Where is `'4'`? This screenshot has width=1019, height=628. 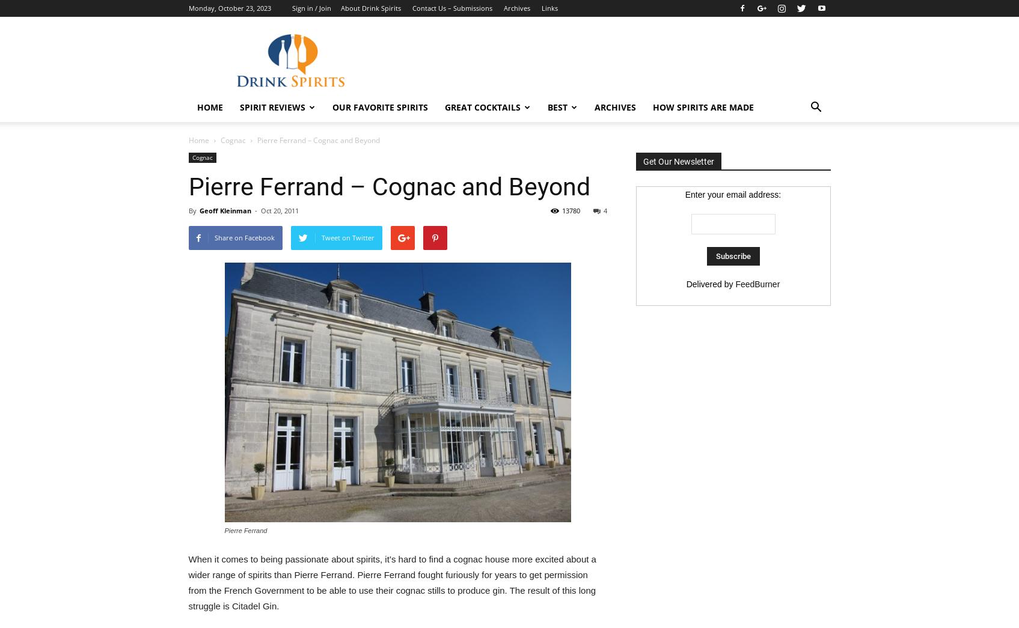 '4' is located at coordinates (602, 210).